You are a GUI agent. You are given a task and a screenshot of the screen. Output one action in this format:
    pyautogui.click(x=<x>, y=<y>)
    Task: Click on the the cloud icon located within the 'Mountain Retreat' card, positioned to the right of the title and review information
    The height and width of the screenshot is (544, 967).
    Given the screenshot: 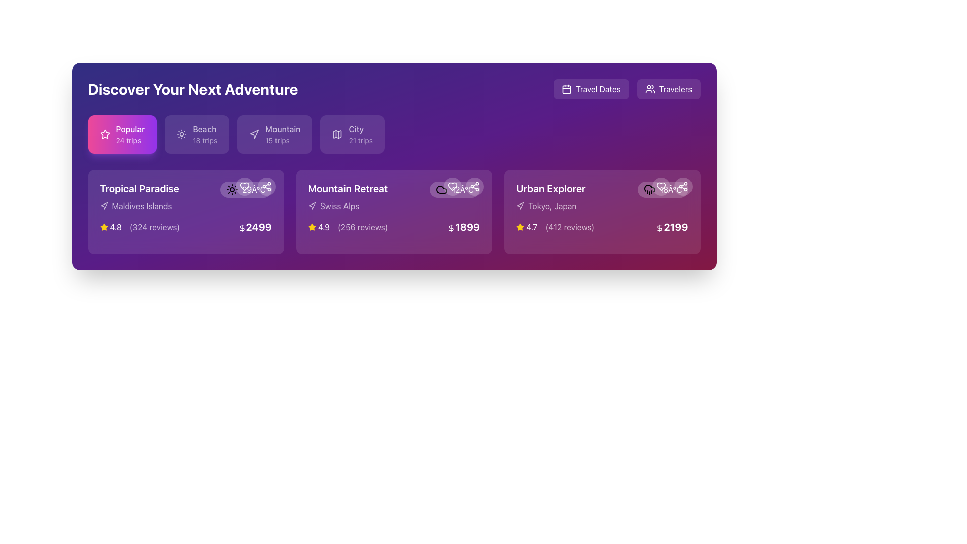 What is the action you would take?
    pyautogui.click(x=442, y=190)
    